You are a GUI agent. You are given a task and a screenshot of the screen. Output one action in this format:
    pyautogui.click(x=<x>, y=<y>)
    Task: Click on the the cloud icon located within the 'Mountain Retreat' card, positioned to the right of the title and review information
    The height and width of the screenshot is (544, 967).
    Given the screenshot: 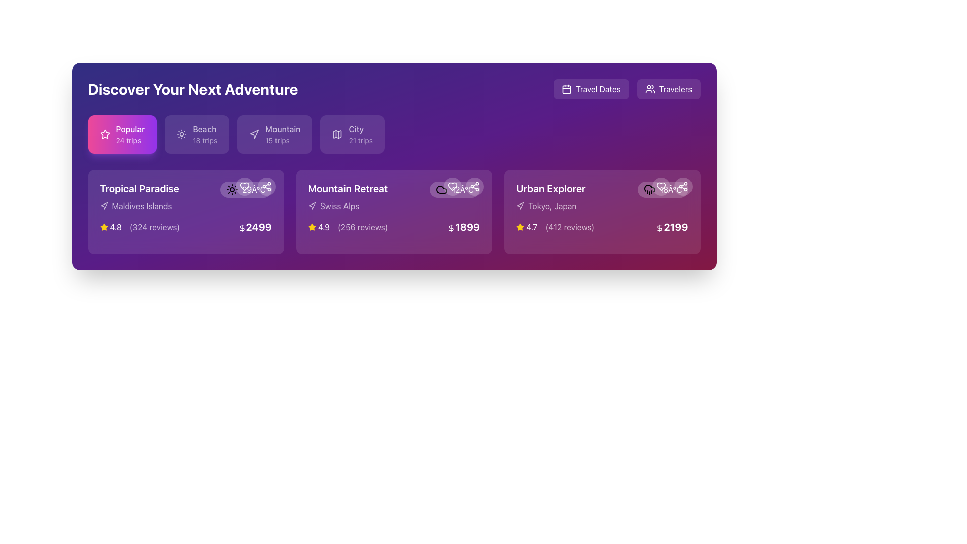 What is the action you would take?
    pyautogui.click(x=442, y=190)
    